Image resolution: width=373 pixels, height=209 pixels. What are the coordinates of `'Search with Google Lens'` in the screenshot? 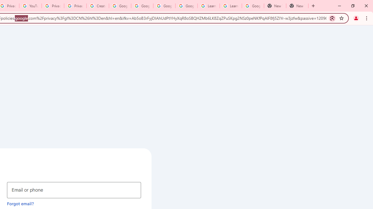 It's located at (332, 18).